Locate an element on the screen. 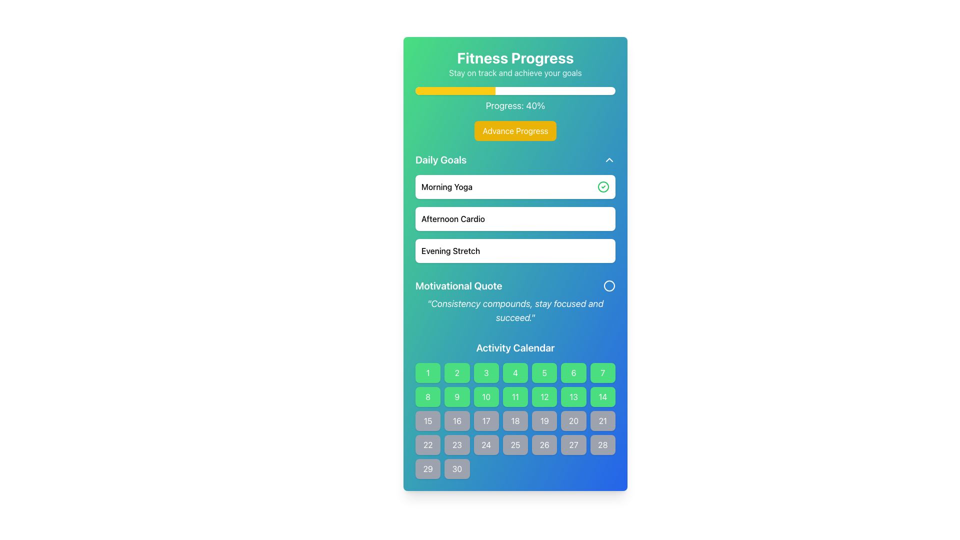 The image size is (960, 540). the square button with a gray background and the number '18' centered in white text in the Activity Calendar section for rescheduling events is located at coordinates (515, 420).